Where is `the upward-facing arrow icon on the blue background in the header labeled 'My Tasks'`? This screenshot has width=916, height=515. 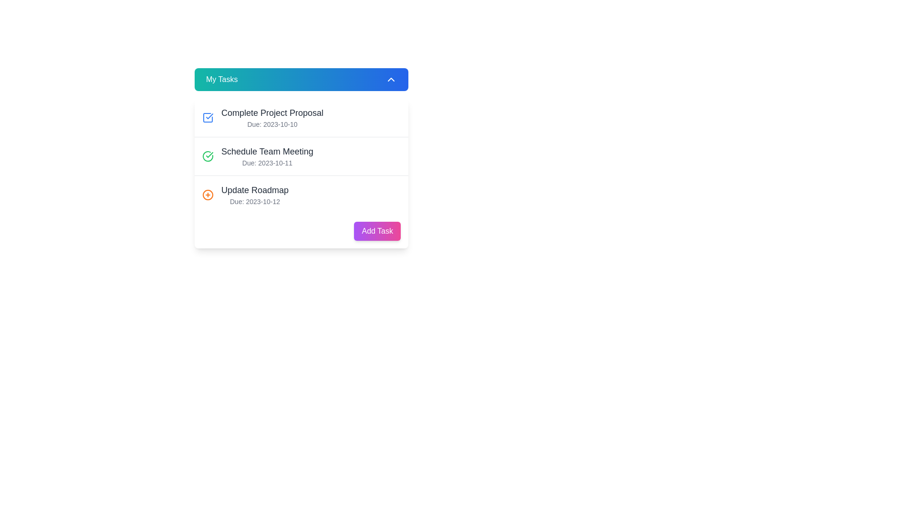 the upward-facing arrow icon on the blue background in the header labeled 'My Tasks' is located at coordinates (391, 79).